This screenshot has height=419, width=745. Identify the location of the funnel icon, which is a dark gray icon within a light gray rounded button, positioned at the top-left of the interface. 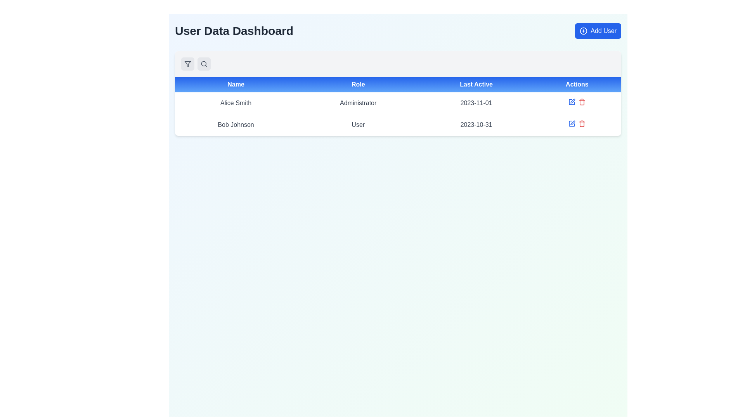
(188, 64).